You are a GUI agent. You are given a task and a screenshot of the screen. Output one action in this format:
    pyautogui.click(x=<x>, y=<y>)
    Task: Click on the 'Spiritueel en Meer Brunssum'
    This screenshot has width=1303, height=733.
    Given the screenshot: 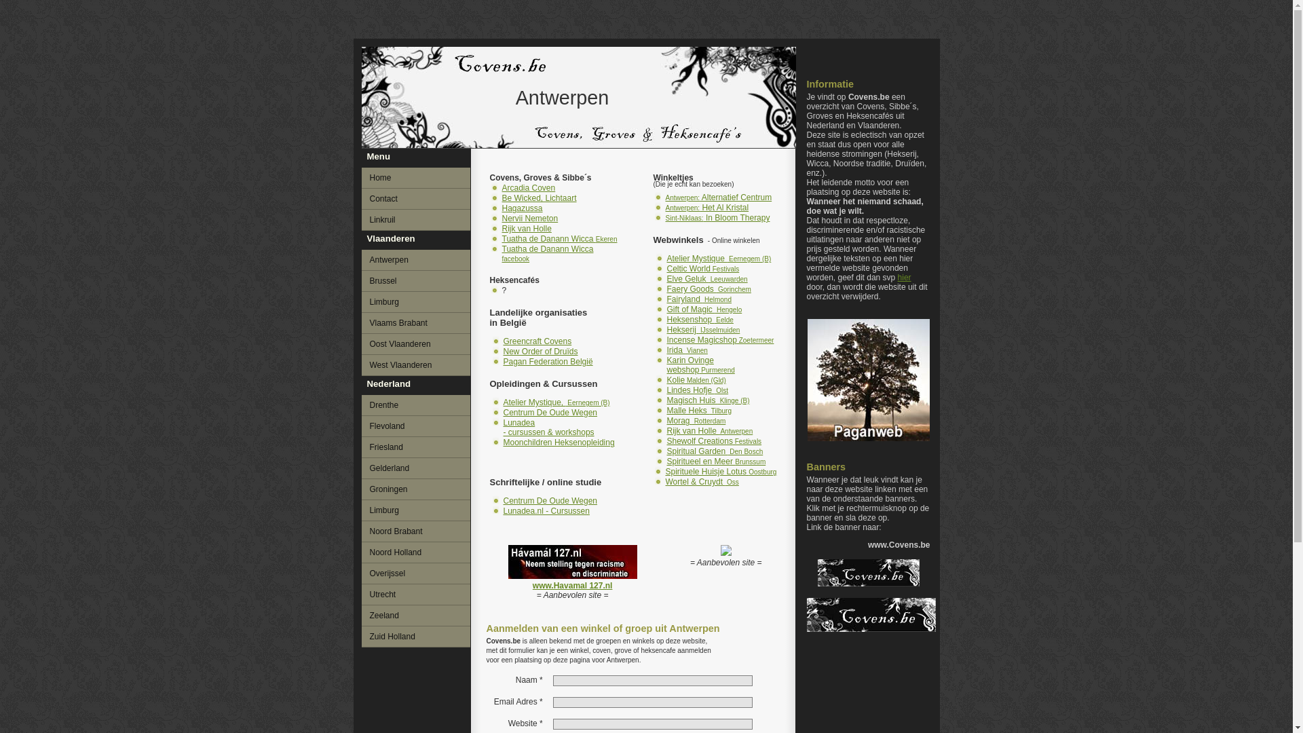 What is the action you would take?
    pyautogui.click(x=715, y=460)
    